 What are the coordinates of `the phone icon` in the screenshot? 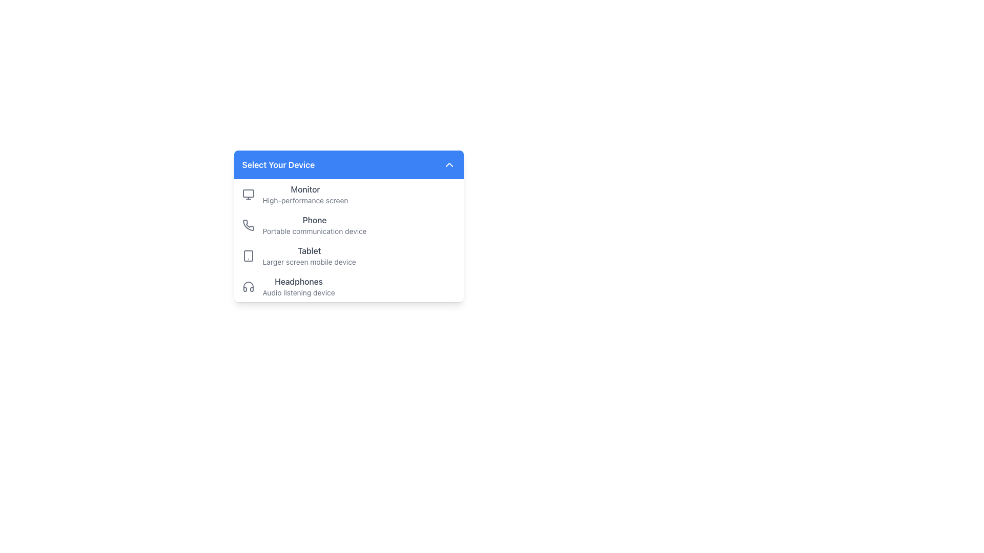 It's located at (248, 224).